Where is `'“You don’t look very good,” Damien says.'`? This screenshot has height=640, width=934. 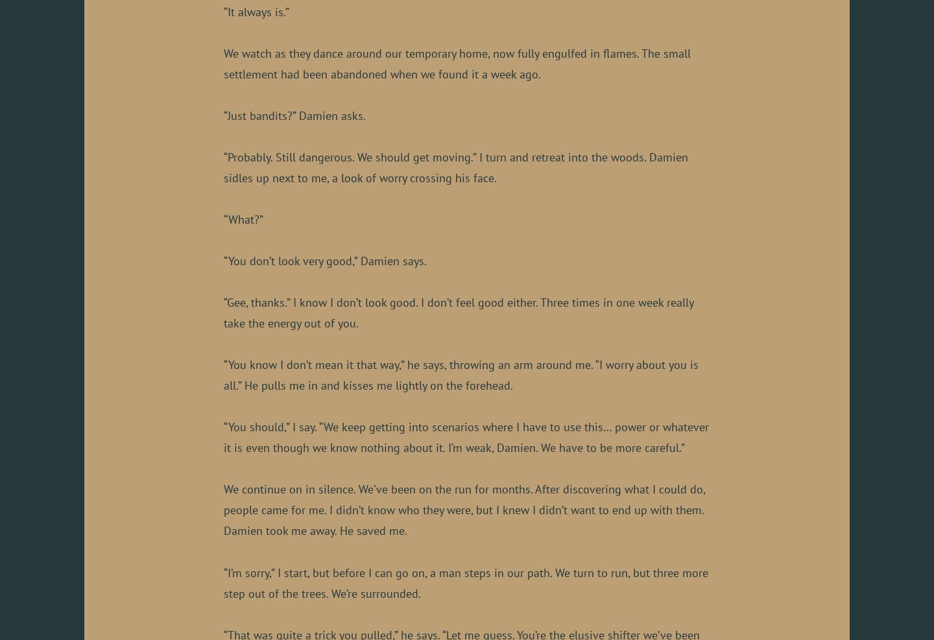 '“You don’t look very good,” Damien says.' is located at coordinates (224, 261).